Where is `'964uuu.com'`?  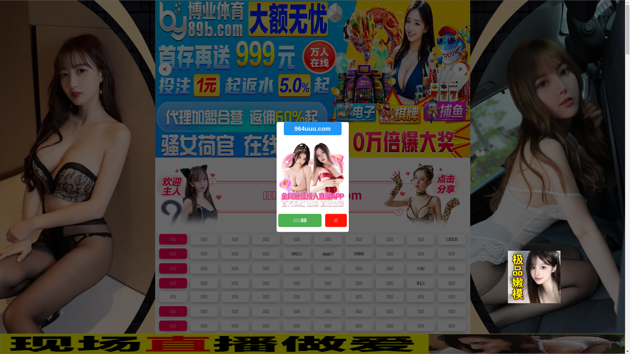 '964uuu.com' is located at coordinates (312, 128).